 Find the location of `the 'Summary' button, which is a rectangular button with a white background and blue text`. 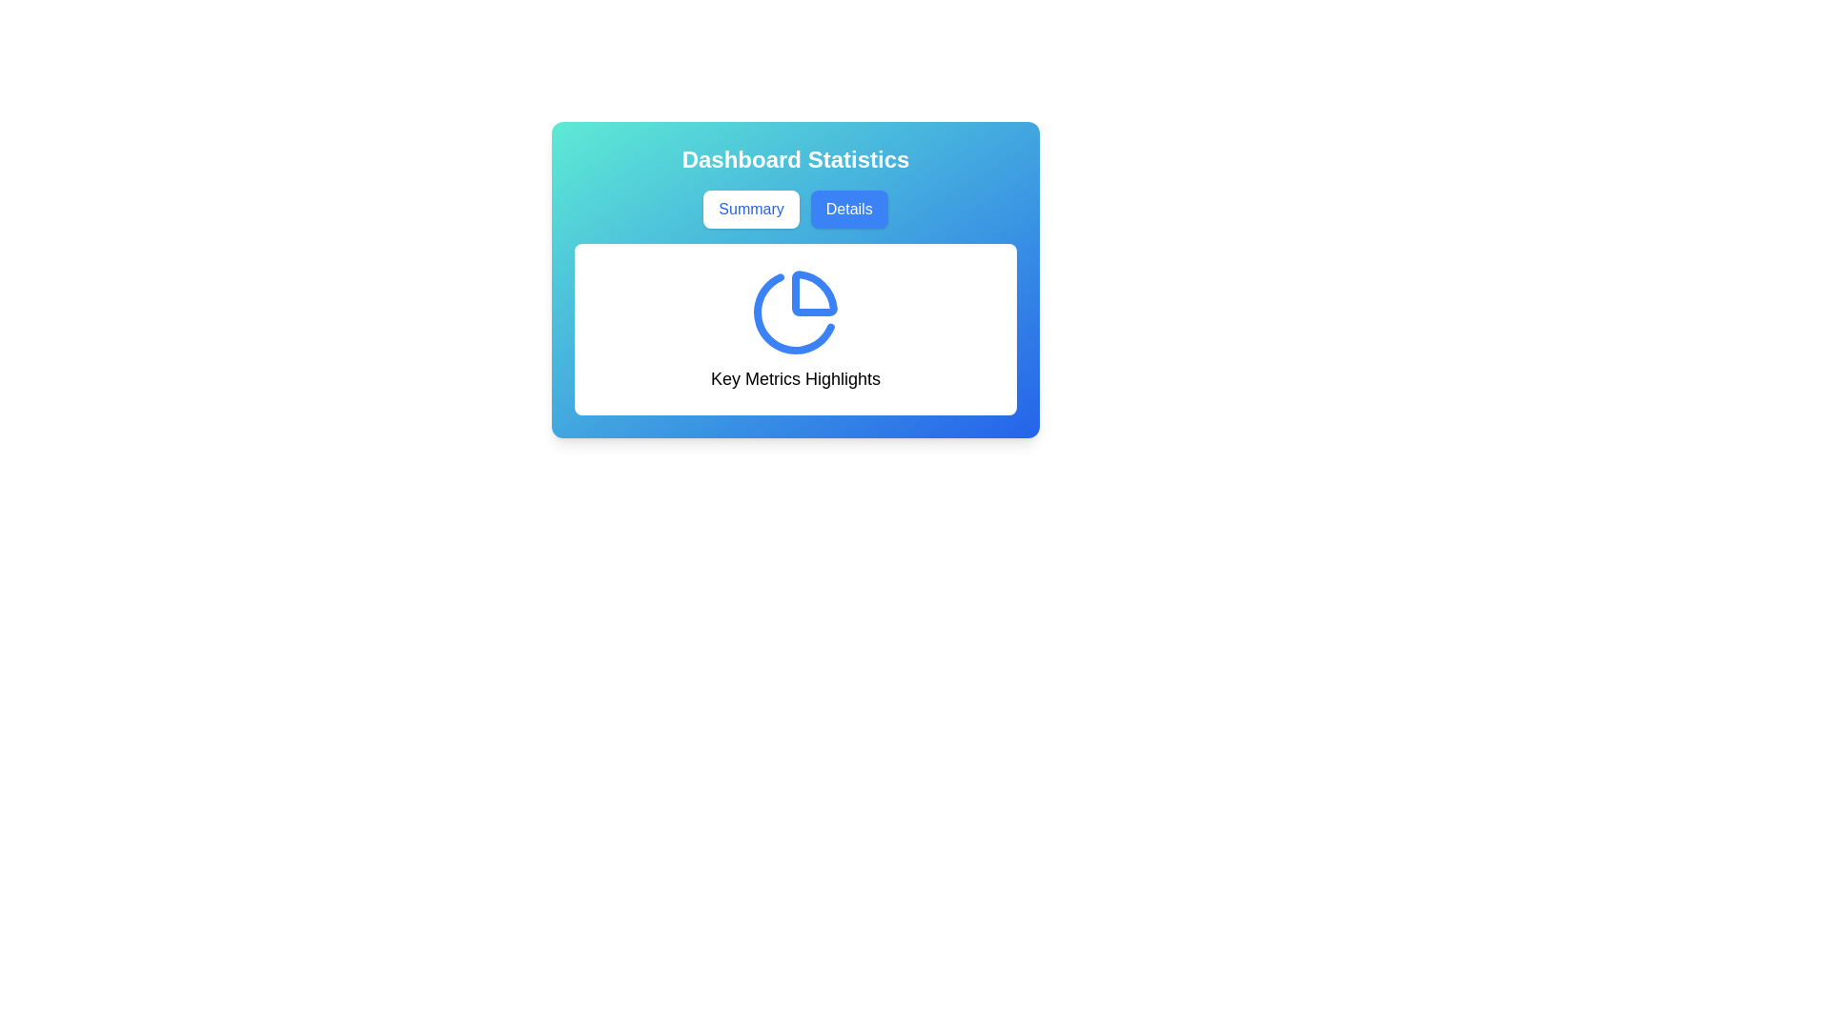

the 'Summary' button, which is a rectangular button with a white background and blue text is located at coordinates (750, 209).